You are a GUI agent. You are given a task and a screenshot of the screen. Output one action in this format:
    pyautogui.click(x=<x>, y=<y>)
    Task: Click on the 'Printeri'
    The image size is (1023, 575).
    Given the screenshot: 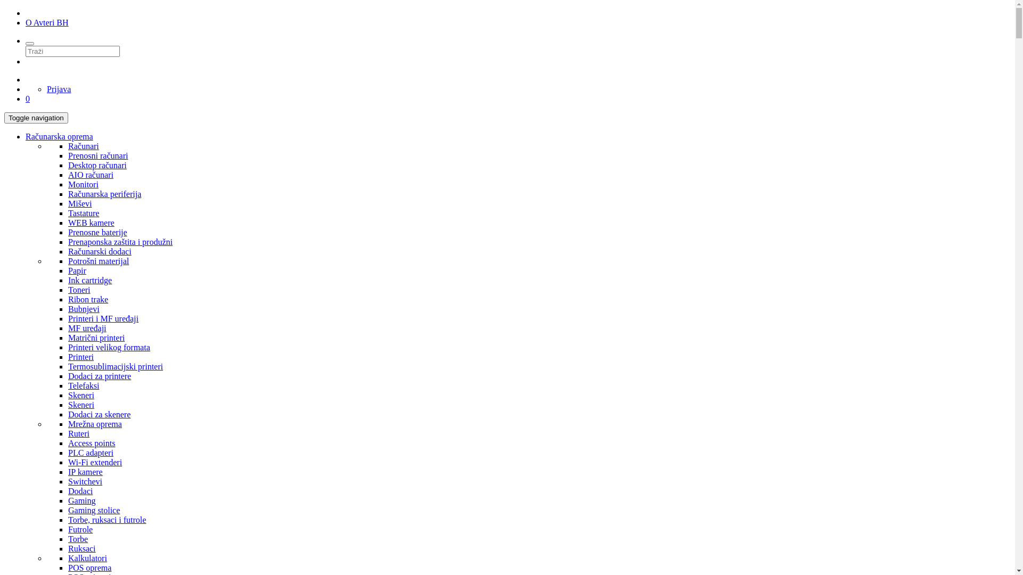 What is the action you would take?
    pyautogui.click(x=80, y=357)
    